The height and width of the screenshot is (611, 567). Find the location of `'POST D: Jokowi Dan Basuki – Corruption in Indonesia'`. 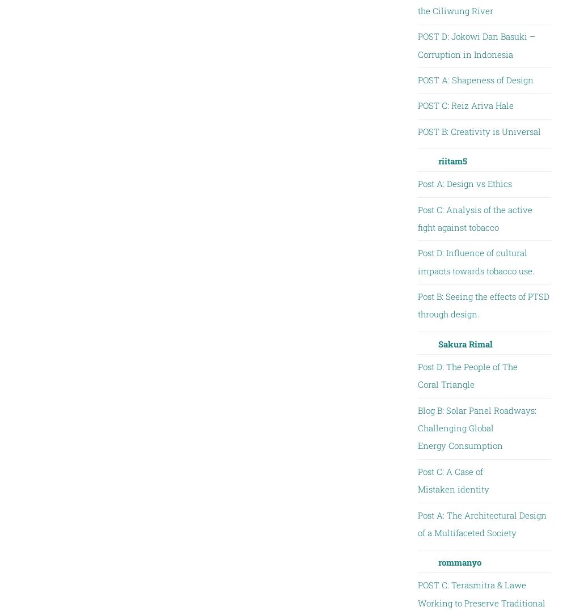

'POST D: Jokowi Dan Basuki – Corruption in Indonesia' is located at coordinates (475, 44).